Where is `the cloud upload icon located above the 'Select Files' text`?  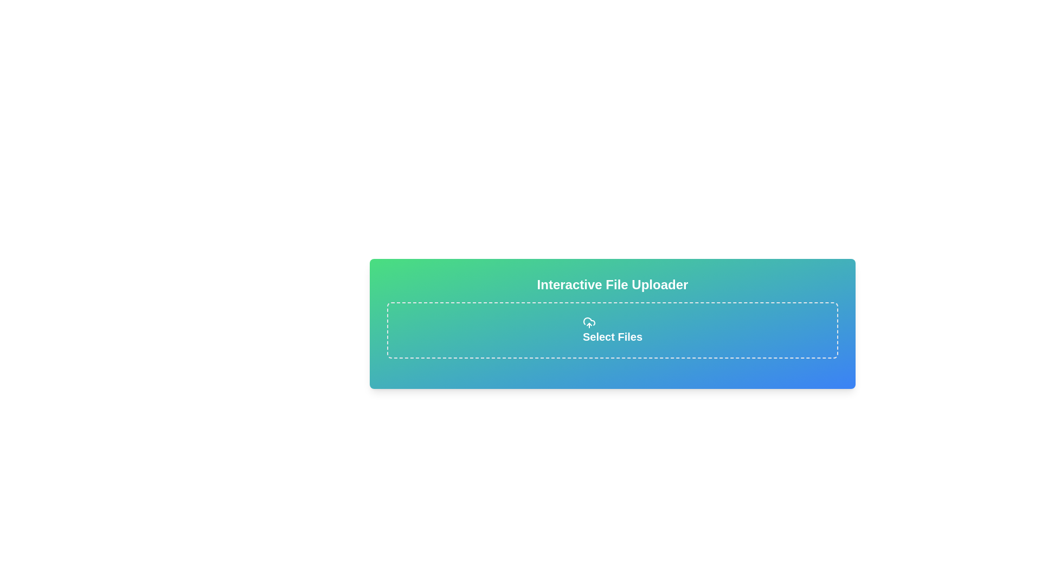 the cloud upload icon located above the 'Select Files' text is located at coordinates (588, 322).